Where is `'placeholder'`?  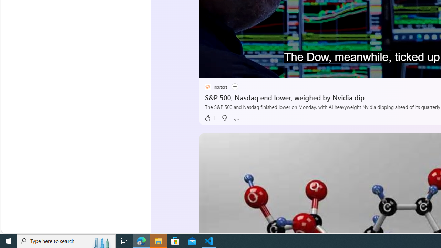 'placeholder' is located at coordinates (207, 86).